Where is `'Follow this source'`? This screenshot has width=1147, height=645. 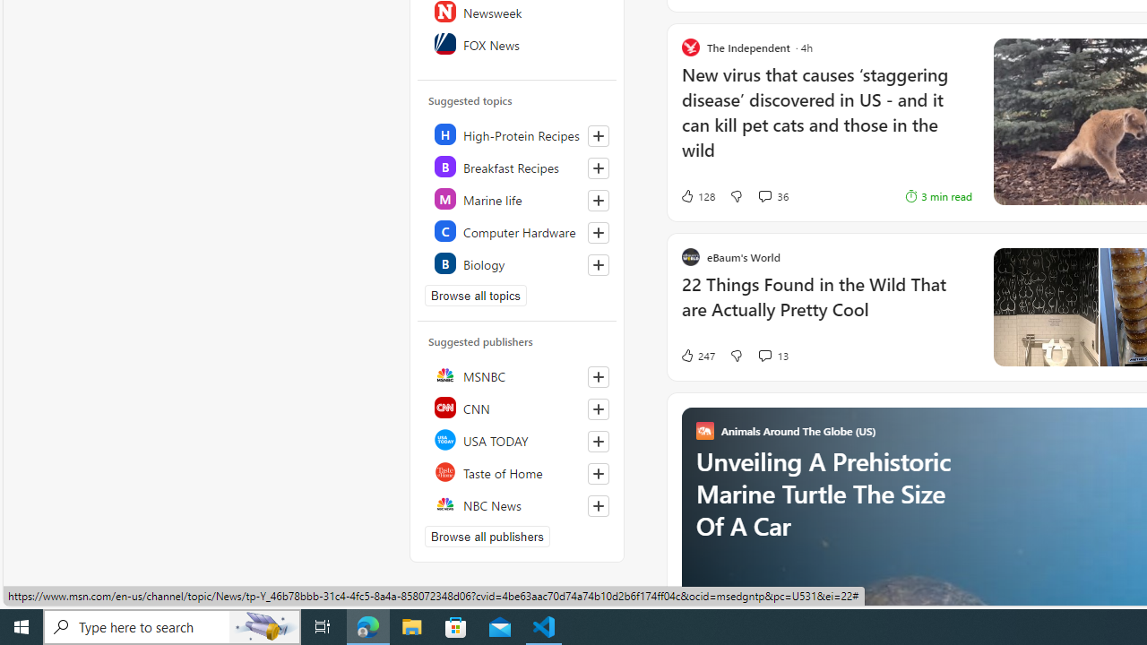 'Follow this source' is located at coordinates (599, 505).